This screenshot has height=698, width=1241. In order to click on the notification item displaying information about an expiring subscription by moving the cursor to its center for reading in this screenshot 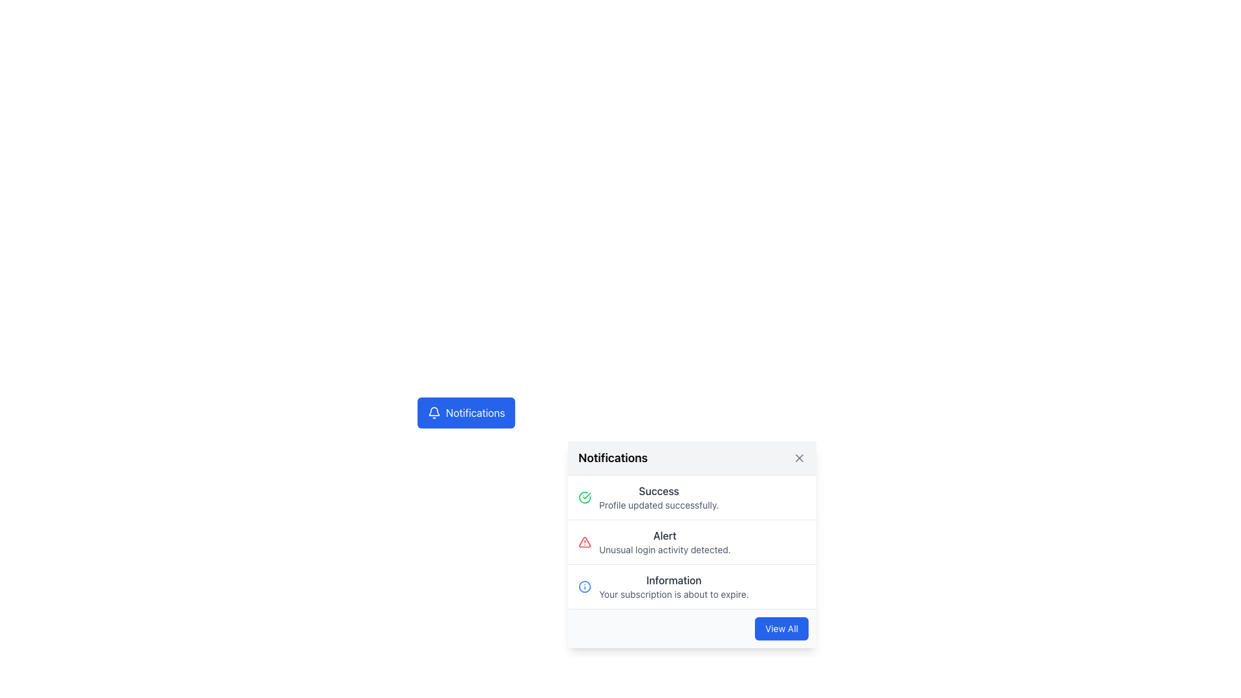, I will do `click(691, 586)`.